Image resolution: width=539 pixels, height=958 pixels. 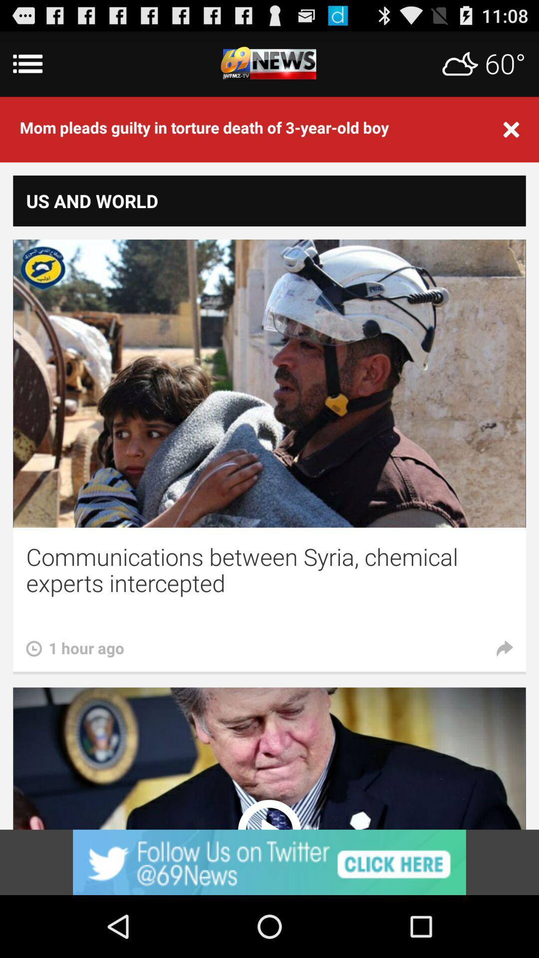 What do you see at coordinates (269, 862) in the screenshot?
I see `our twitter` at bounding box center [269, 862].